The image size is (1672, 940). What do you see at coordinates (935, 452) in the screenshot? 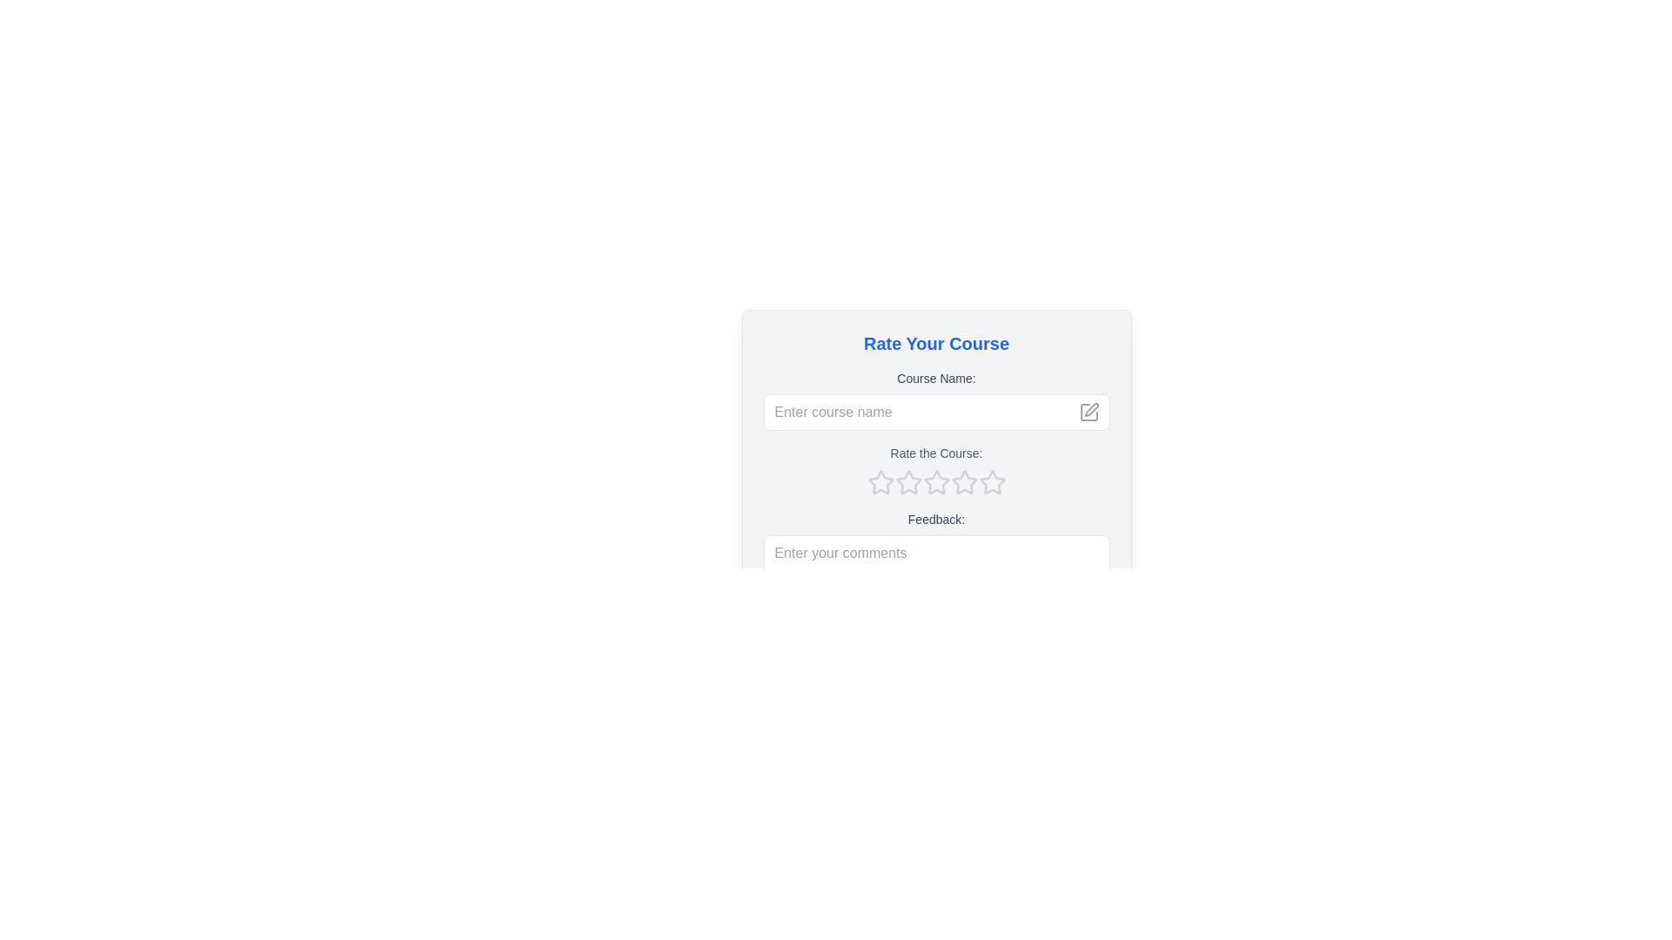
I see `the text label displaying 'Rate the Course:' which is located between the 'Course Name:' label and the star rating selector in the 'Rate Your Course' panel` at bounding box center [935, 452].